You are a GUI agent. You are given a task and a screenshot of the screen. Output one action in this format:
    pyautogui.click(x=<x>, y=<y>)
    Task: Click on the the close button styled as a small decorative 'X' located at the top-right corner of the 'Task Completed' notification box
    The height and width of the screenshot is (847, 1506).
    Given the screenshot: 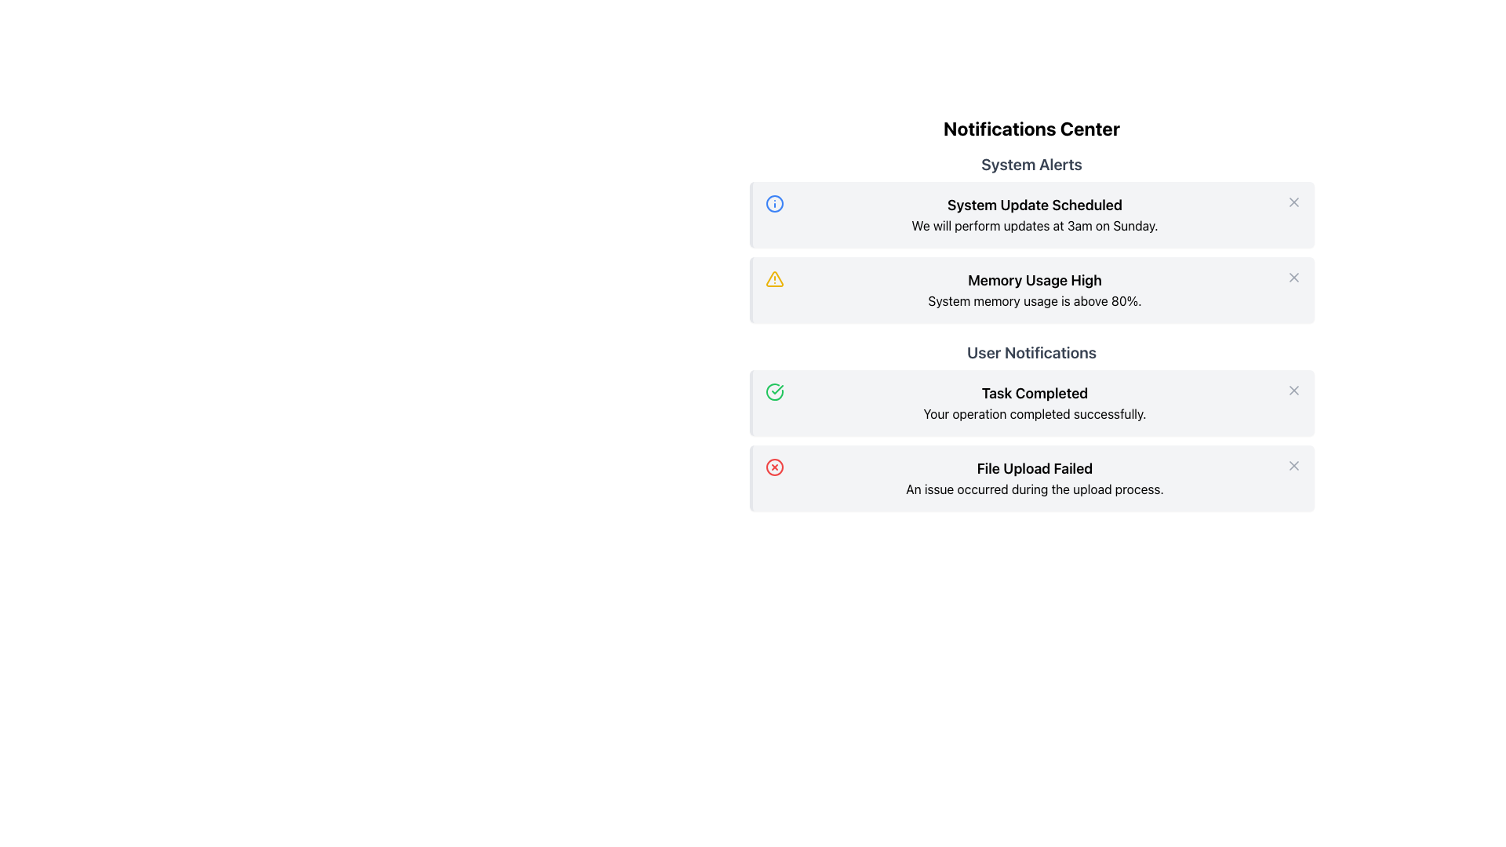 What is the action you would take?
    pyautogui.click(x=1293, y=389)
    